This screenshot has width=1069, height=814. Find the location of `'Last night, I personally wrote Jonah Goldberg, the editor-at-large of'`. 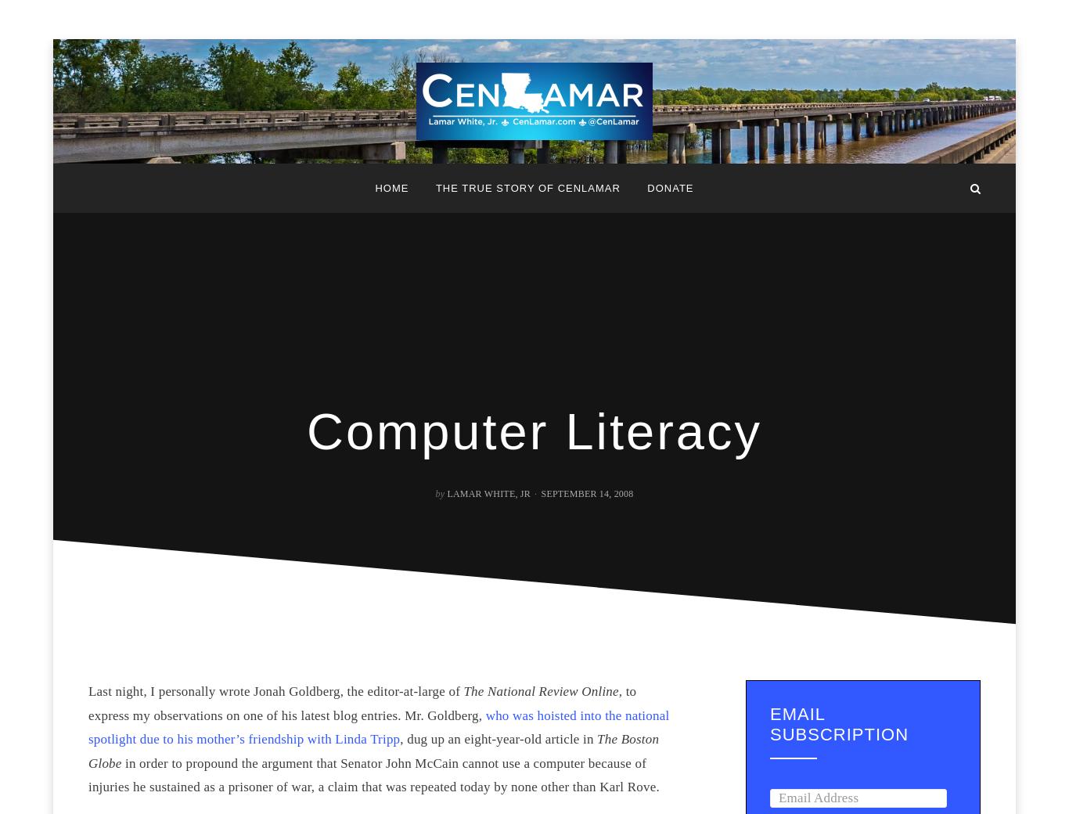

'Last night, I personally wrote Jonah Goldberg, the editor-at-large of' is located at coordinates (275, 690).